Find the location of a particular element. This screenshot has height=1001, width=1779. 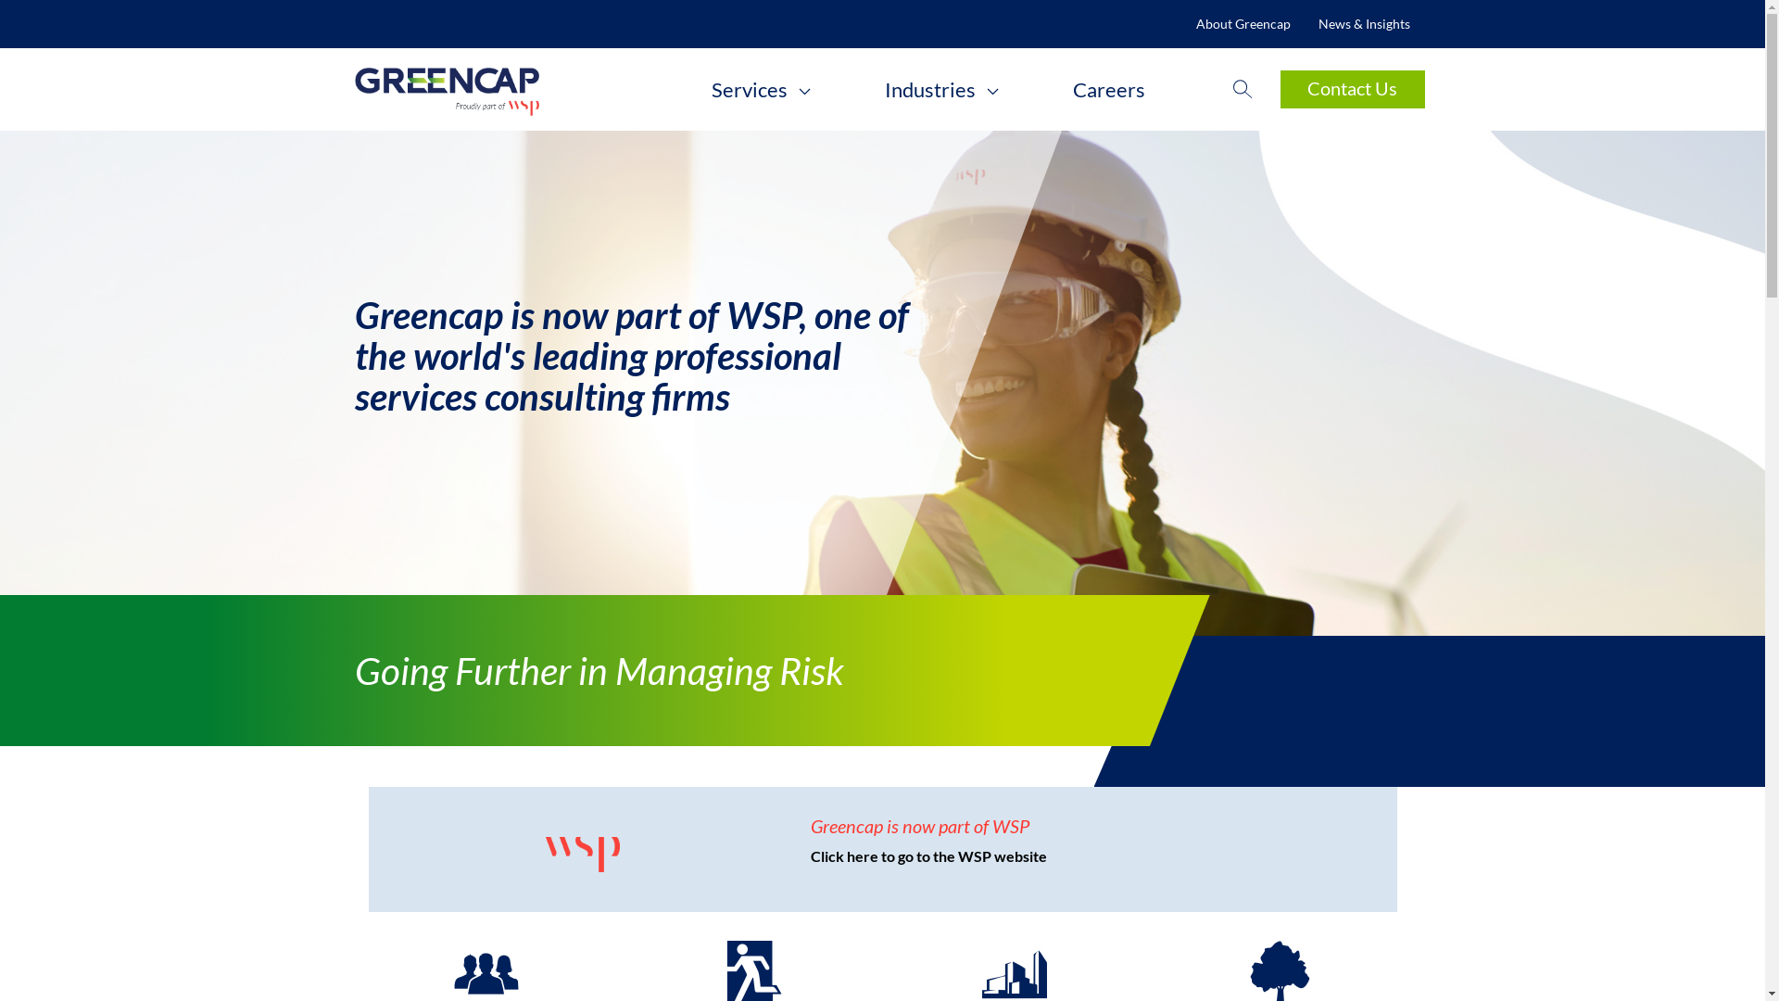

'Contact Us' is located at coordinates (1352, 88).